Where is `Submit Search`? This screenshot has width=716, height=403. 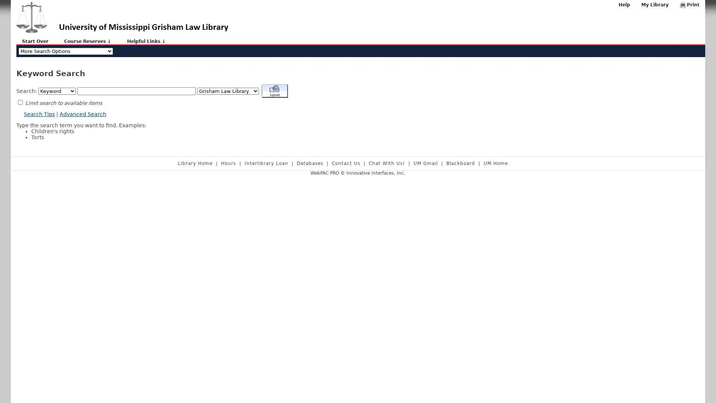 Submit Search is located at coordinates (274, 91).